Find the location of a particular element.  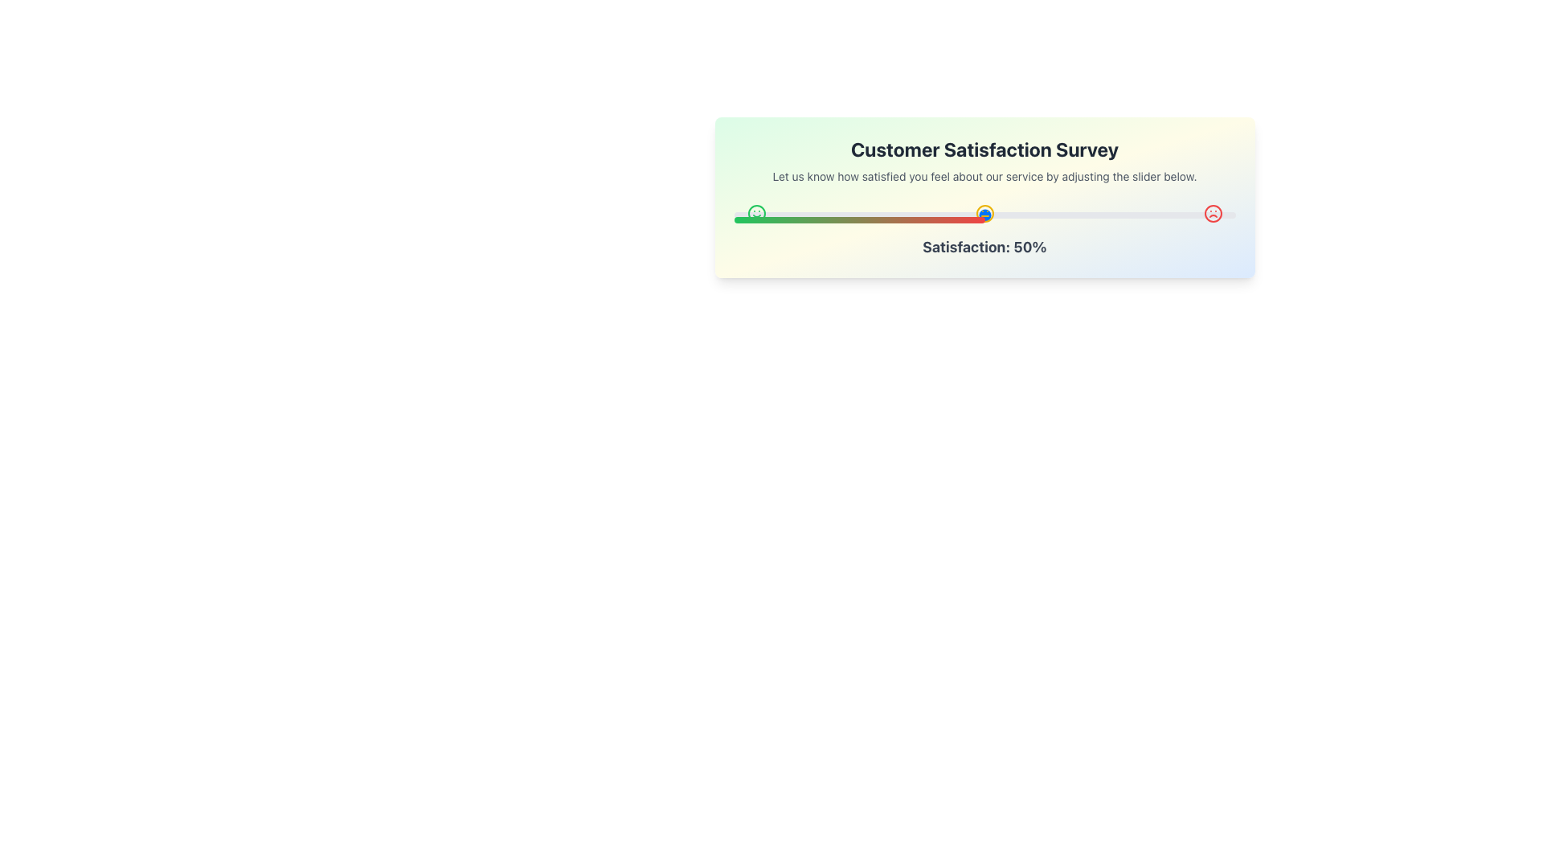

satisfaction level is located at coordinates (758, 214).